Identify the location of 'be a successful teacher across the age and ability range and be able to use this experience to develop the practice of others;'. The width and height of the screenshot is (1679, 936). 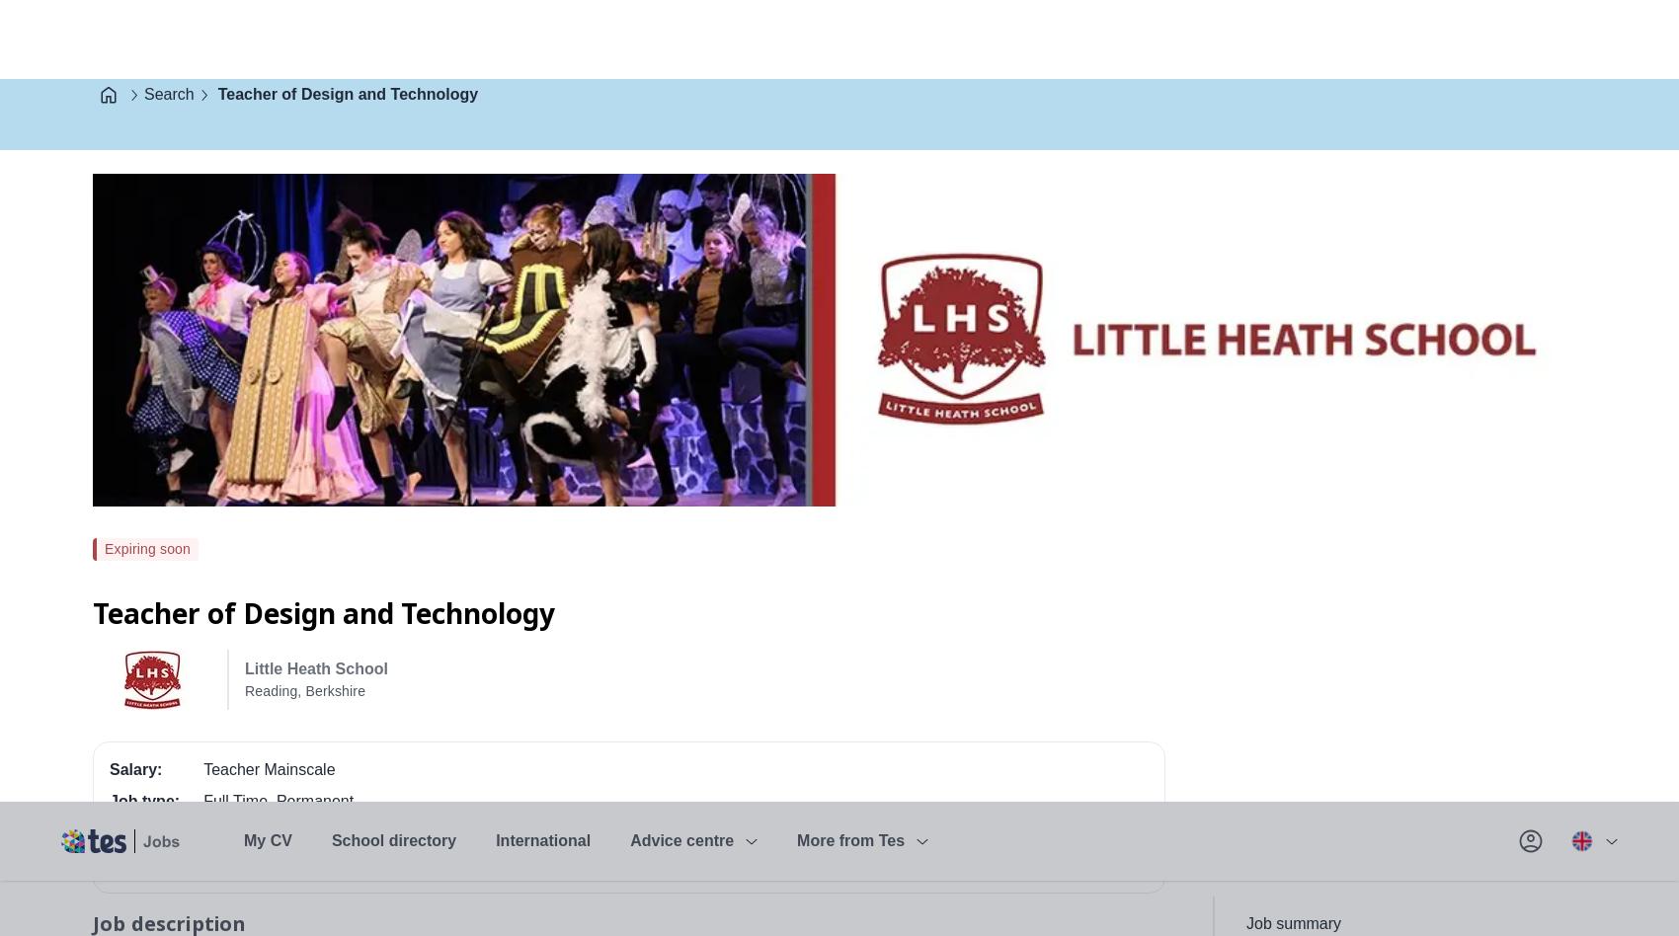
(564, 350).